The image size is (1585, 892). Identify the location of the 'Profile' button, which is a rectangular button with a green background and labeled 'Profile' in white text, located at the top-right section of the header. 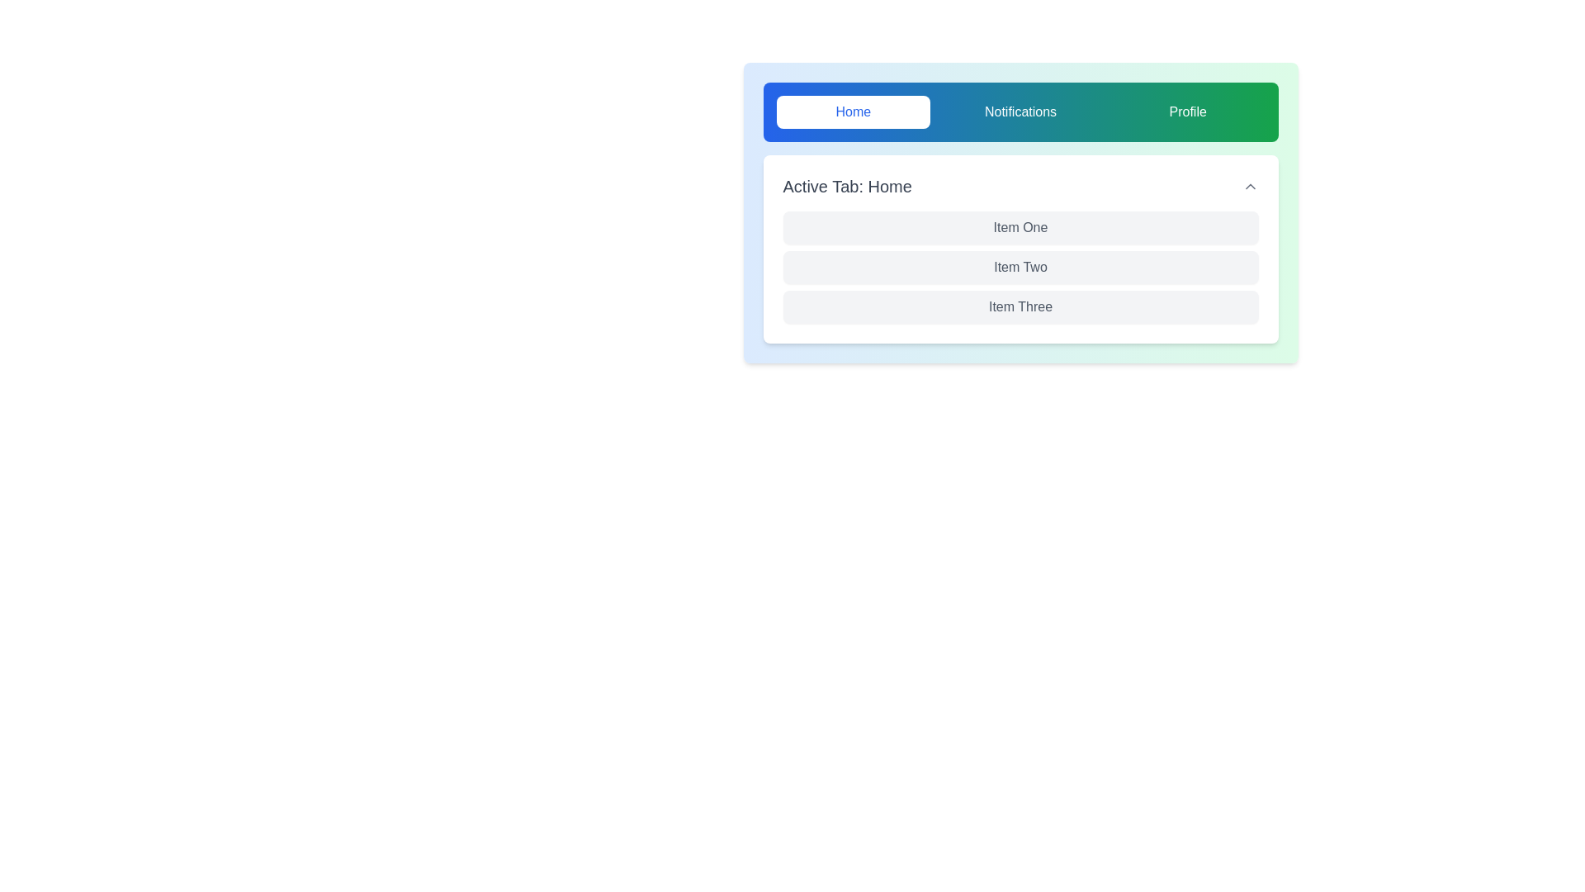
(1187, 111).